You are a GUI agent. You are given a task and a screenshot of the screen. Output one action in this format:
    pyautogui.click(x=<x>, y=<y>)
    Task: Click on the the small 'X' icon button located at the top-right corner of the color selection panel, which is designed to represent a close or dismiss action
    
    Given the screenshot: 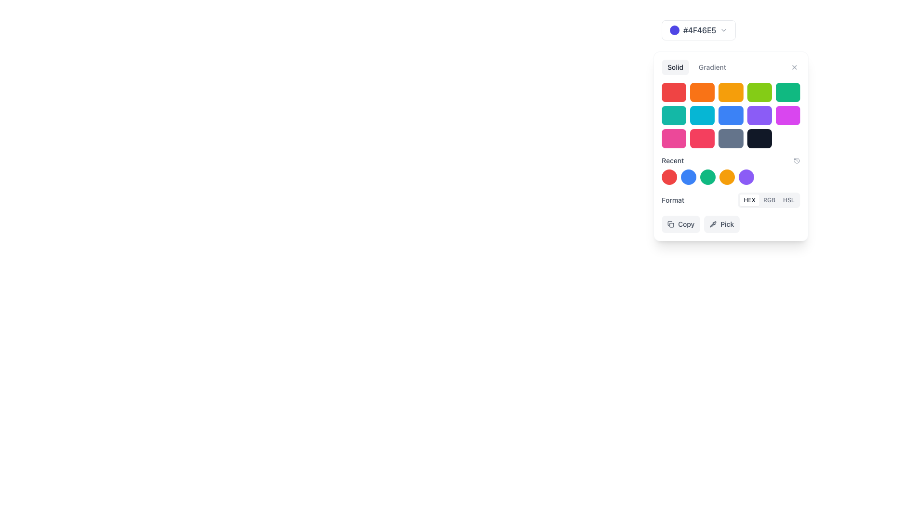 What is the action you would take?
    pyautogui.click(x=795, y=66)
    